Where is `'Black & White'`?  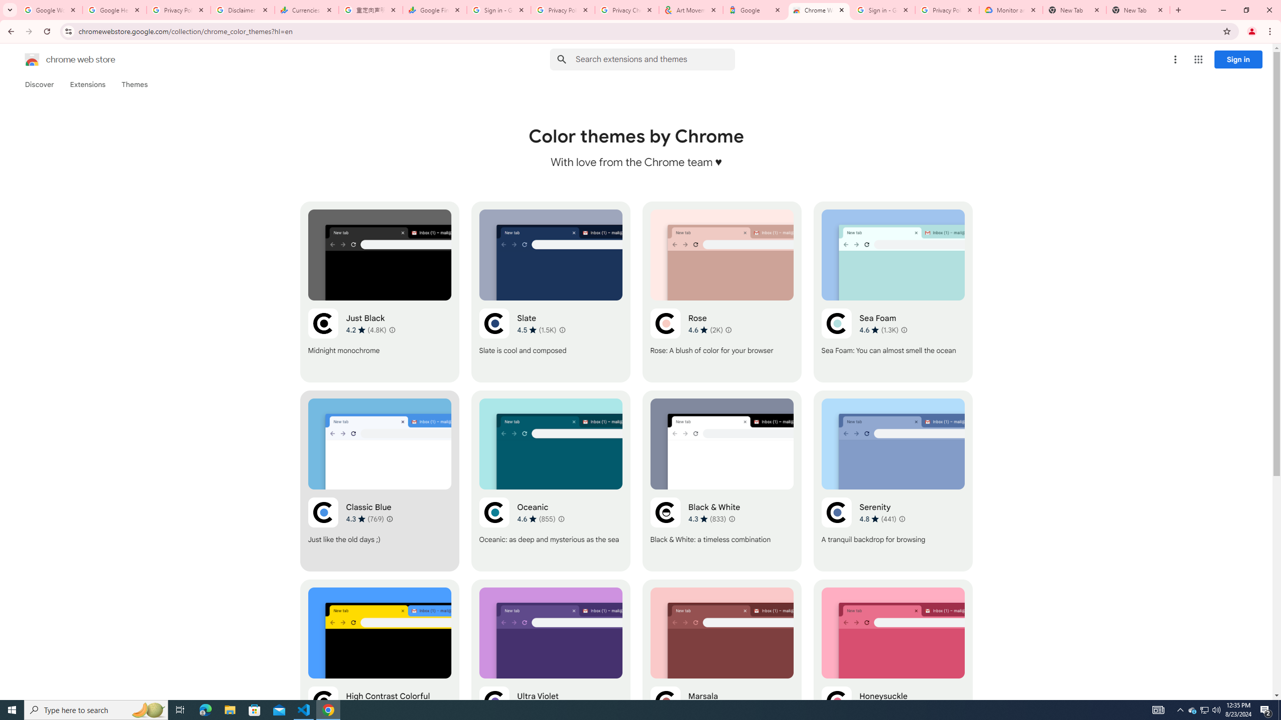 'Black & White' is located at coordinates (722, 480).